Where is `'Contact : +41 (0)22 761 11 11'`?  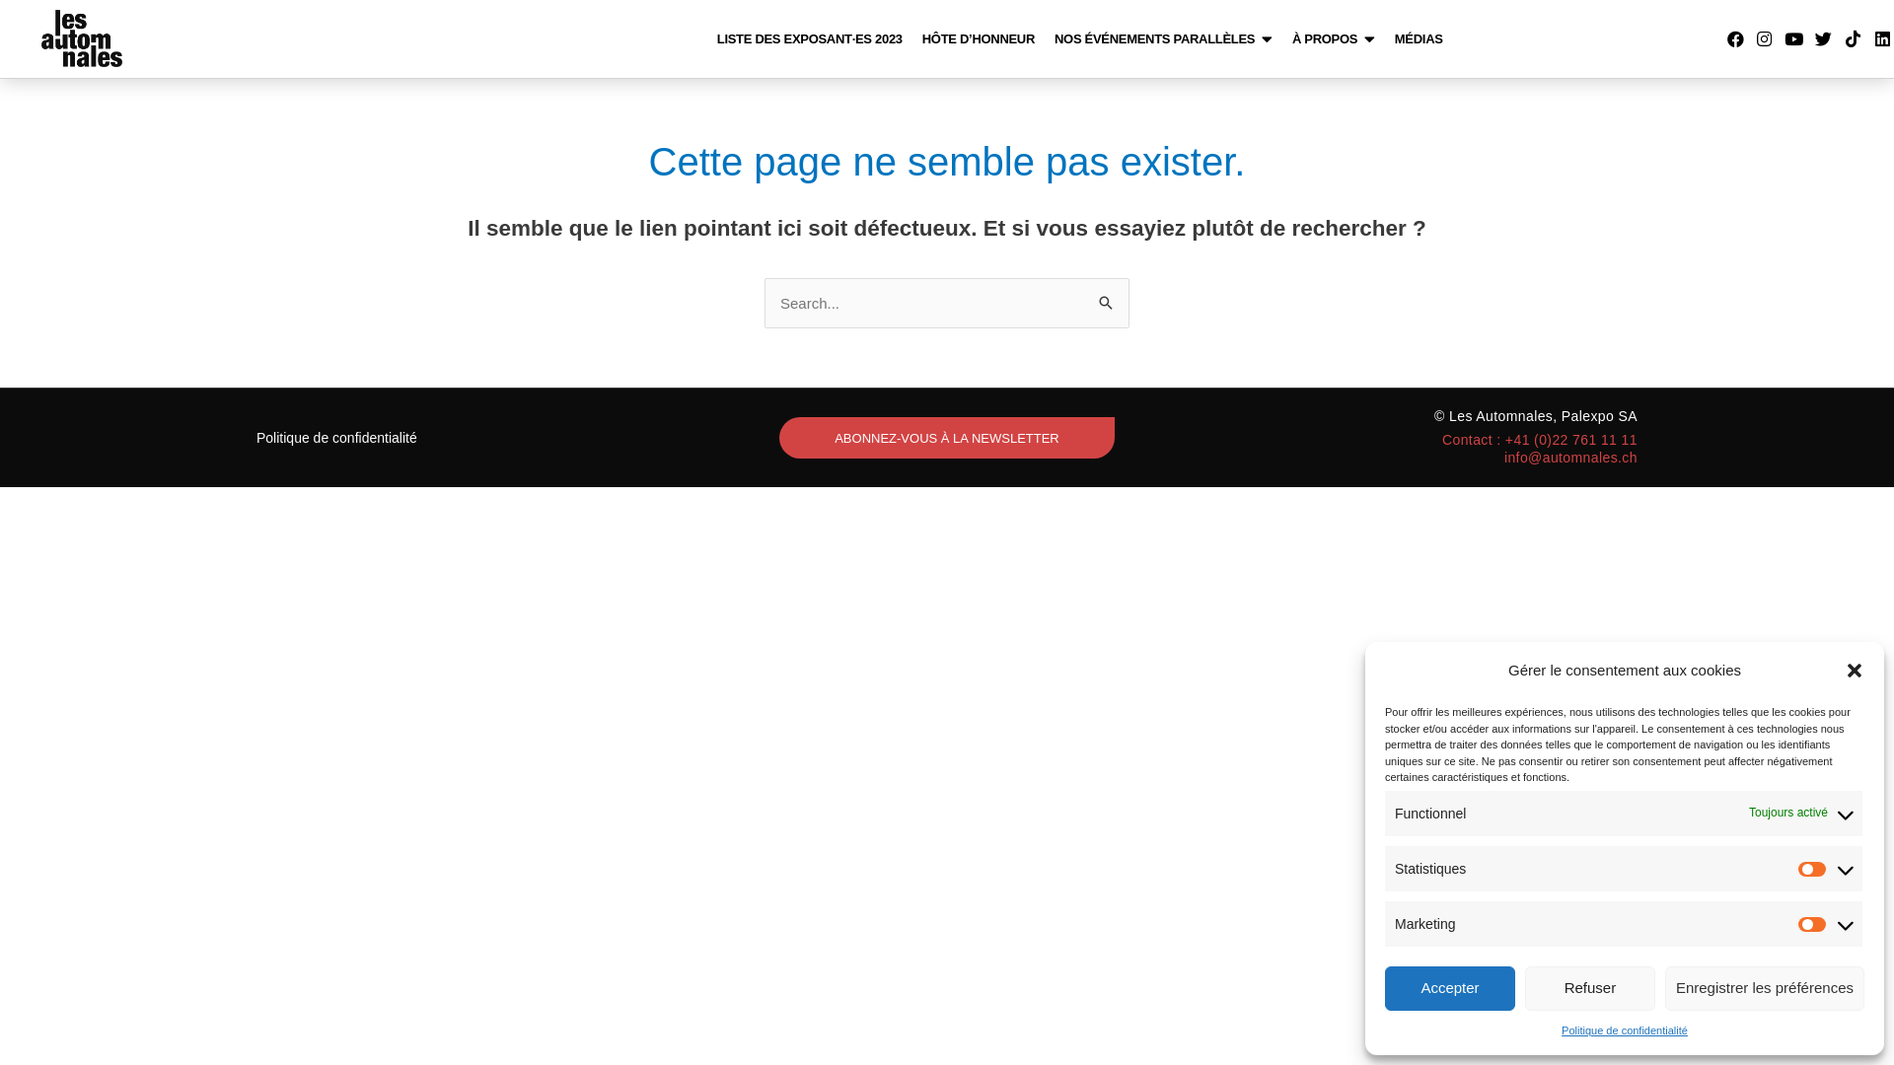 'Contact : +41 (0)22 761 11 11' is located at coordinates (1442, 439).